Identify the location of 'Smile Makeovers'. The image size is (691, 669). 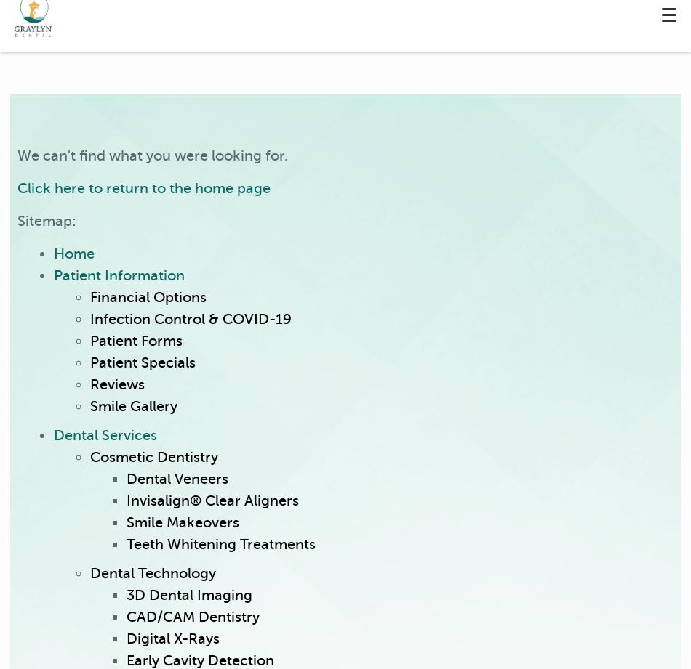
(182, 522).